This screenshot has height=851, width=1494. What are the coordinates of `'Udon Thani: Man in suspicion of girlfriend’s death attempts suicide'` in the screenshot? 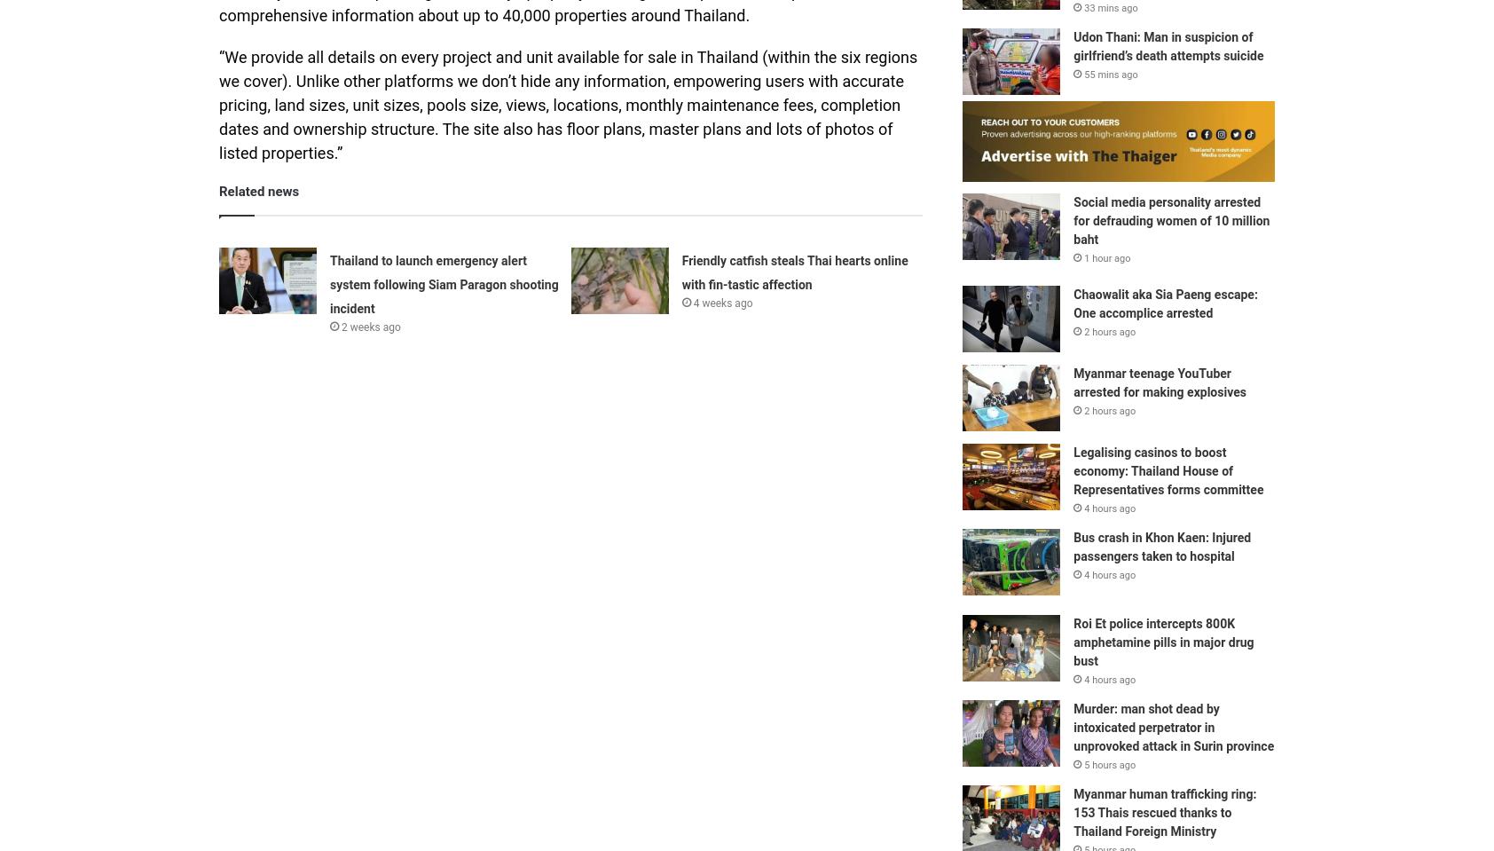 It's located at (1168, 45).